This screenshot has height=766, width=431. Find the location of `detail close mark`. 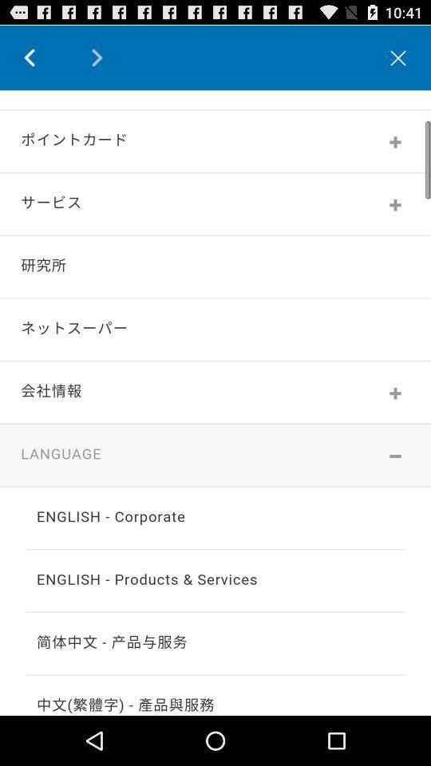

detail close mark is located at coordinates (397, 57).